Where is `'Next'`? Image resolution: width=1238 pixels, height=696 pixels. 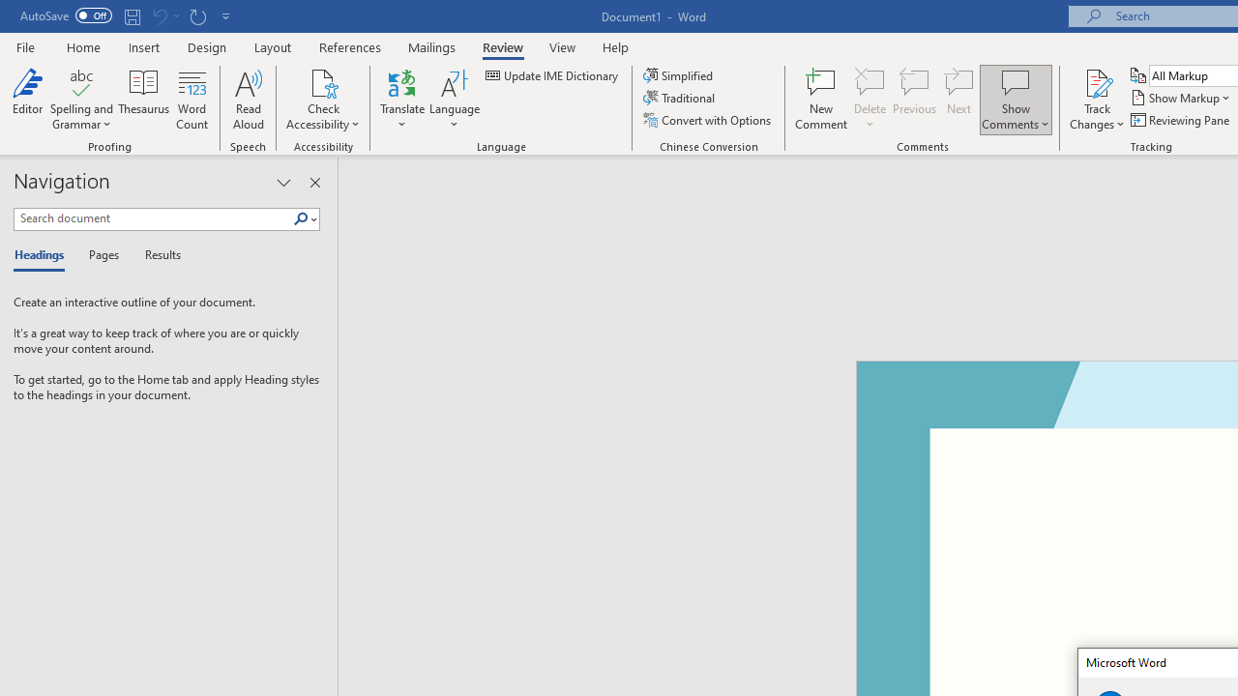
'Next' is located at coordinates (959, 100).